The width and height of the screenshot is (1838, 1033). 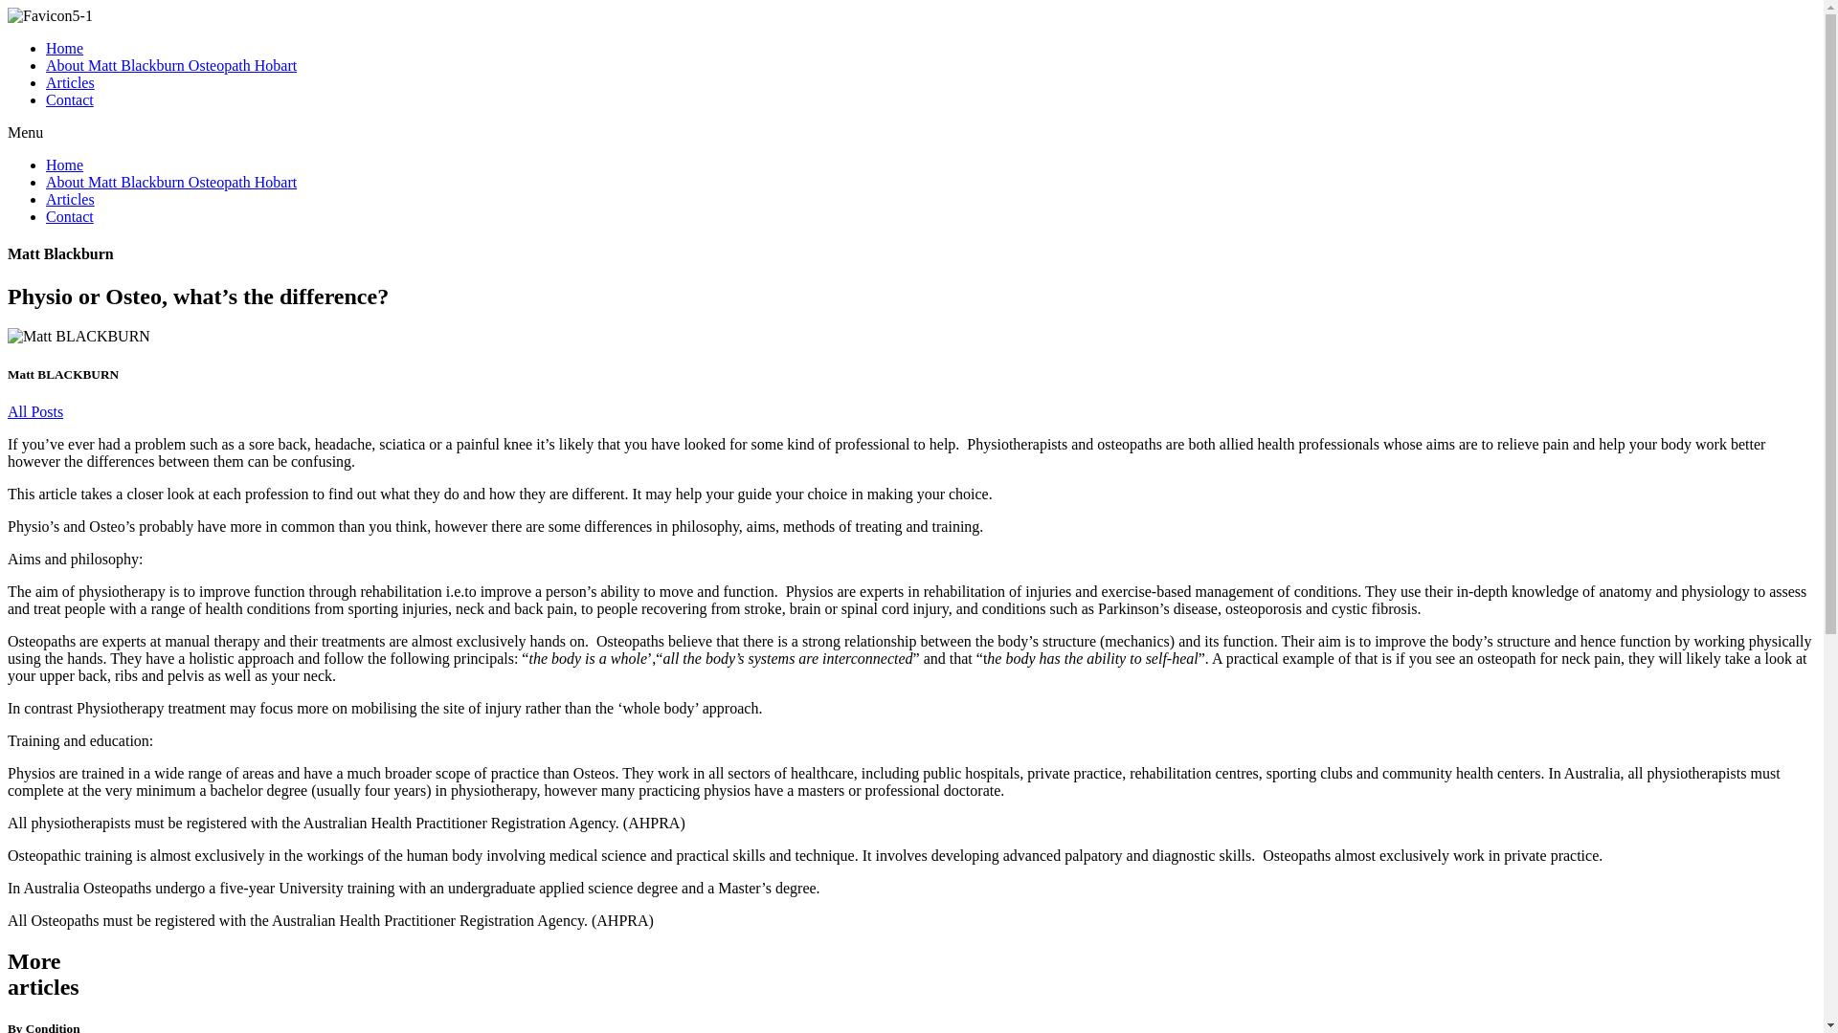 I want to click on 'All Posts', so click(x=35, y=410).